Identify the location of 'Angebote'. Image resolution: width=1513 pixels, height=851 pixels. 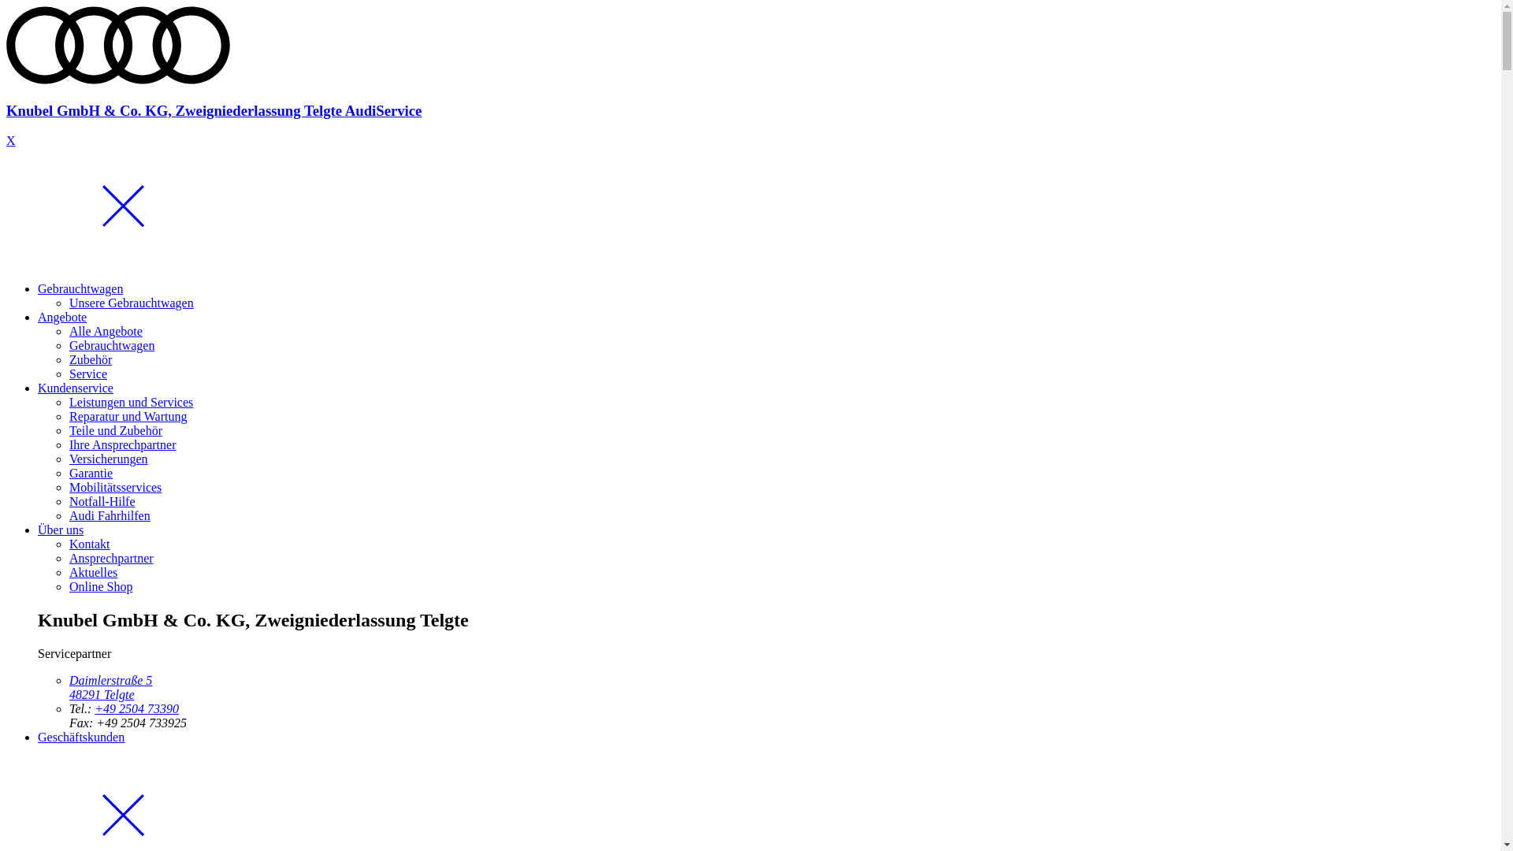
(61, 317).